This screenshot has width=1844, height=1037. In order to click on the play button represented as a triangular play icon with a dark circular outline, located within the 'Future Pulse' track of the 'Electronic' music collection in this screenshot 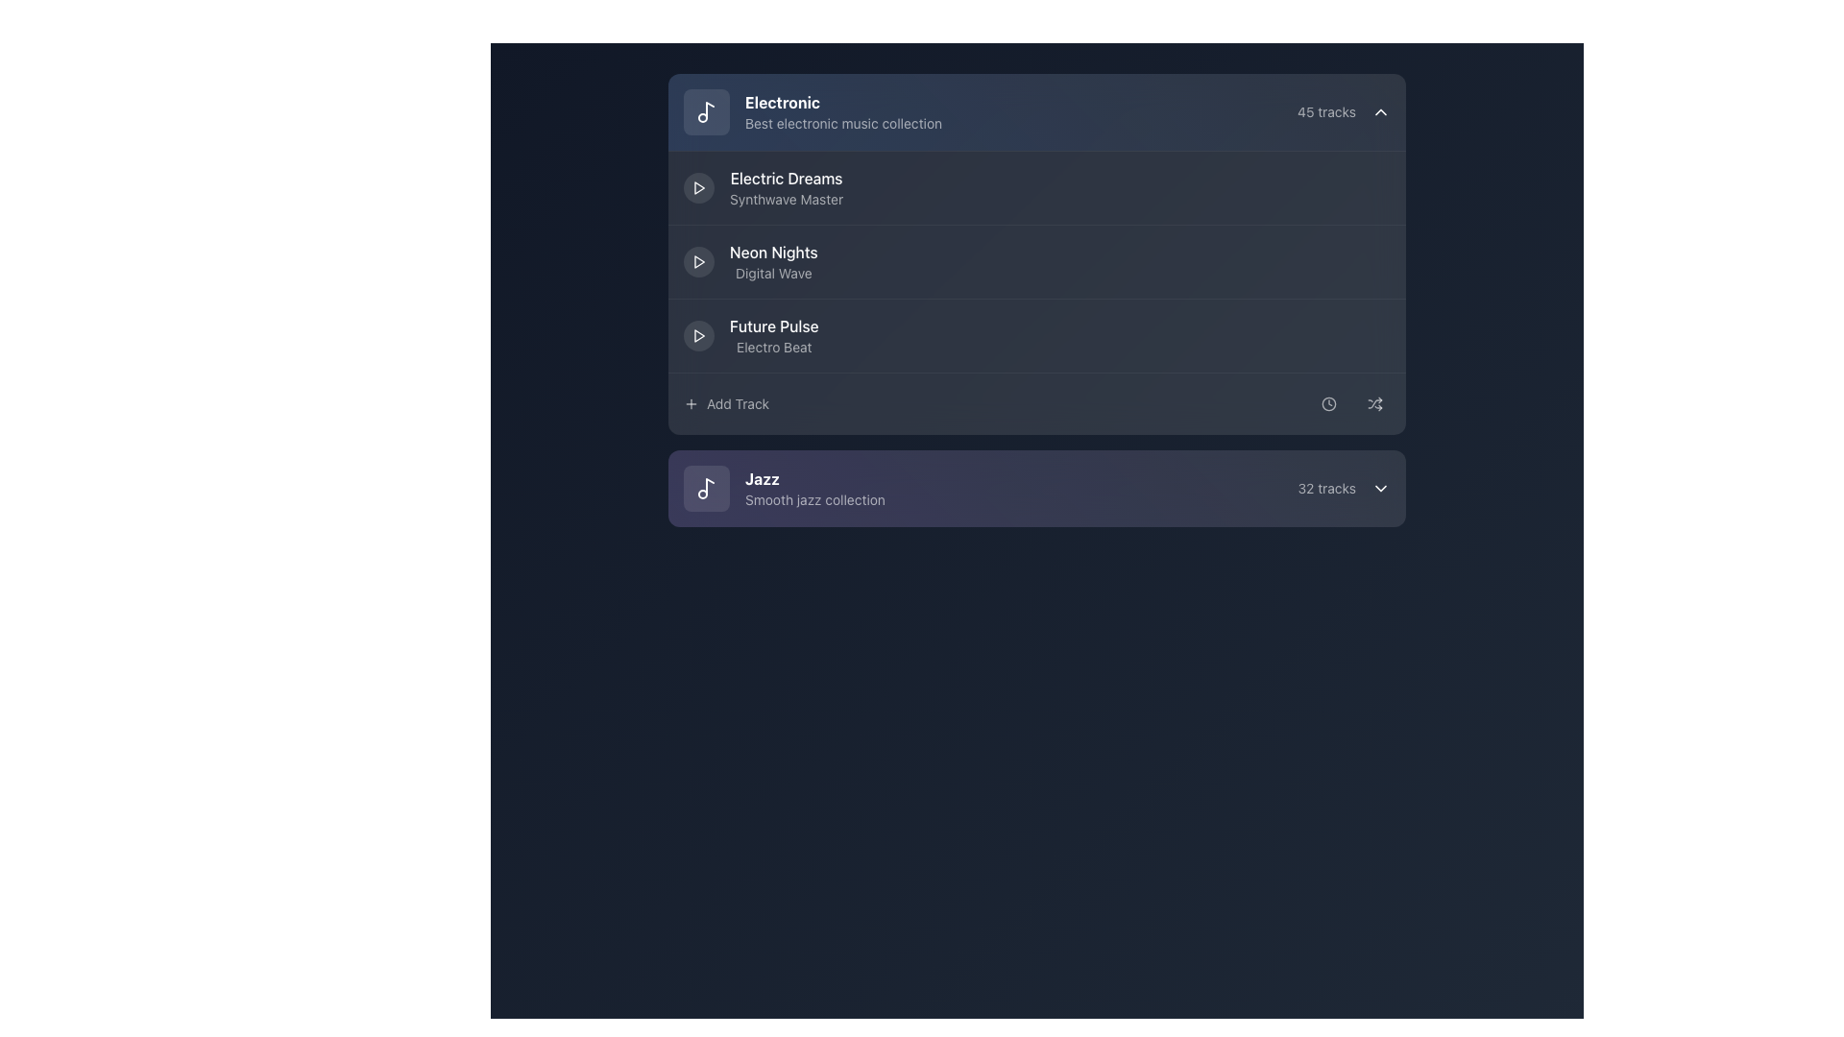, I will do `click(698, 335)`.